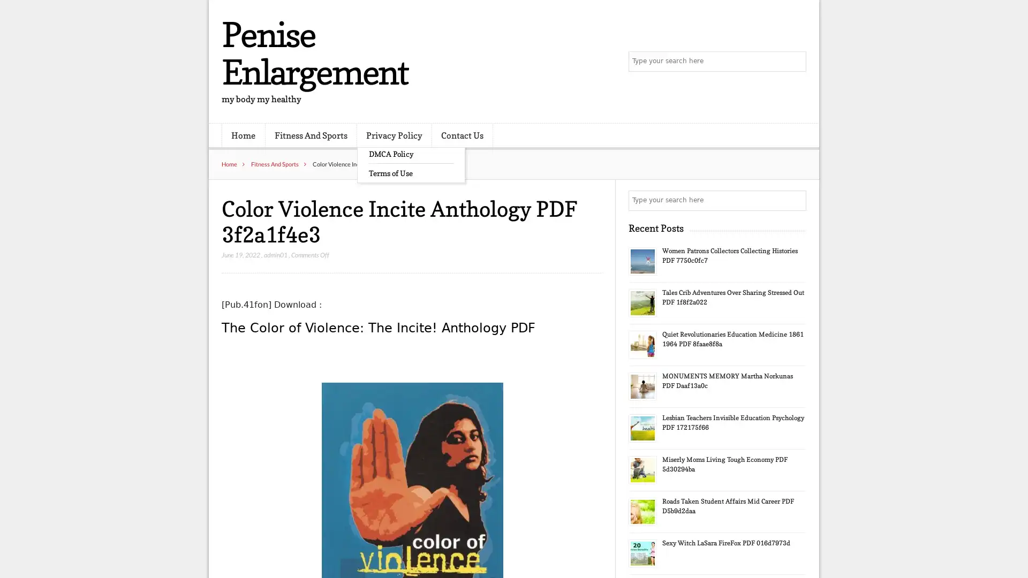  What do you see at coordinates (795, 62) in the screenshot?
I see `Search` at bounding box center [795, 62].